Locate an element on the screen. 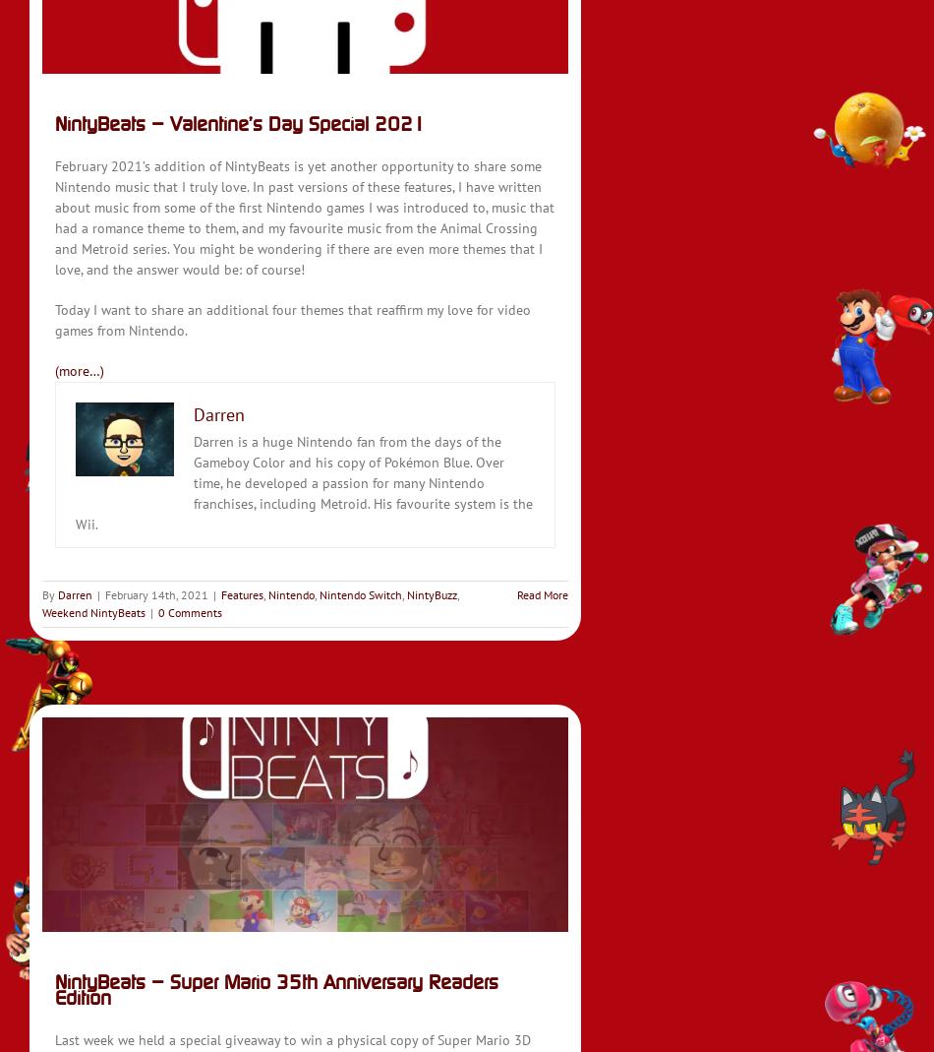 The height and width of the screenshot is (1052, 934). 'Today I want to share an additional four themes that reaffirm my love for video games from Nintendo.' is located at coordinates (292, 320).